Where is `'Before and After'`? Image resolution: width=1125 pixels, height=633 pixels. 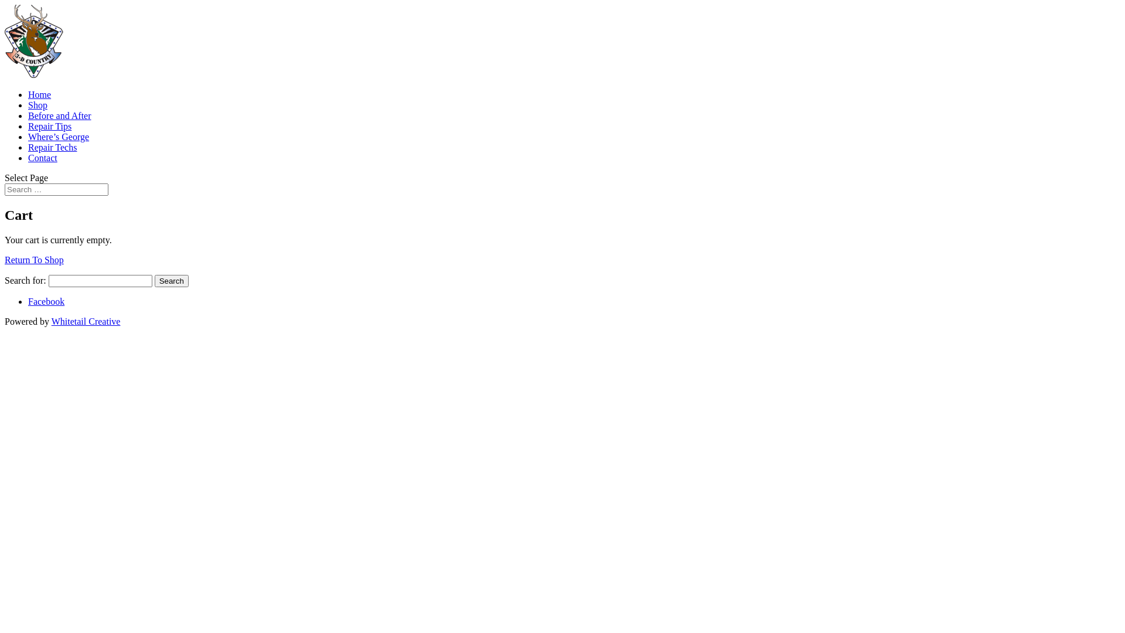
'Before and After' is located at coordinates (59, 115).